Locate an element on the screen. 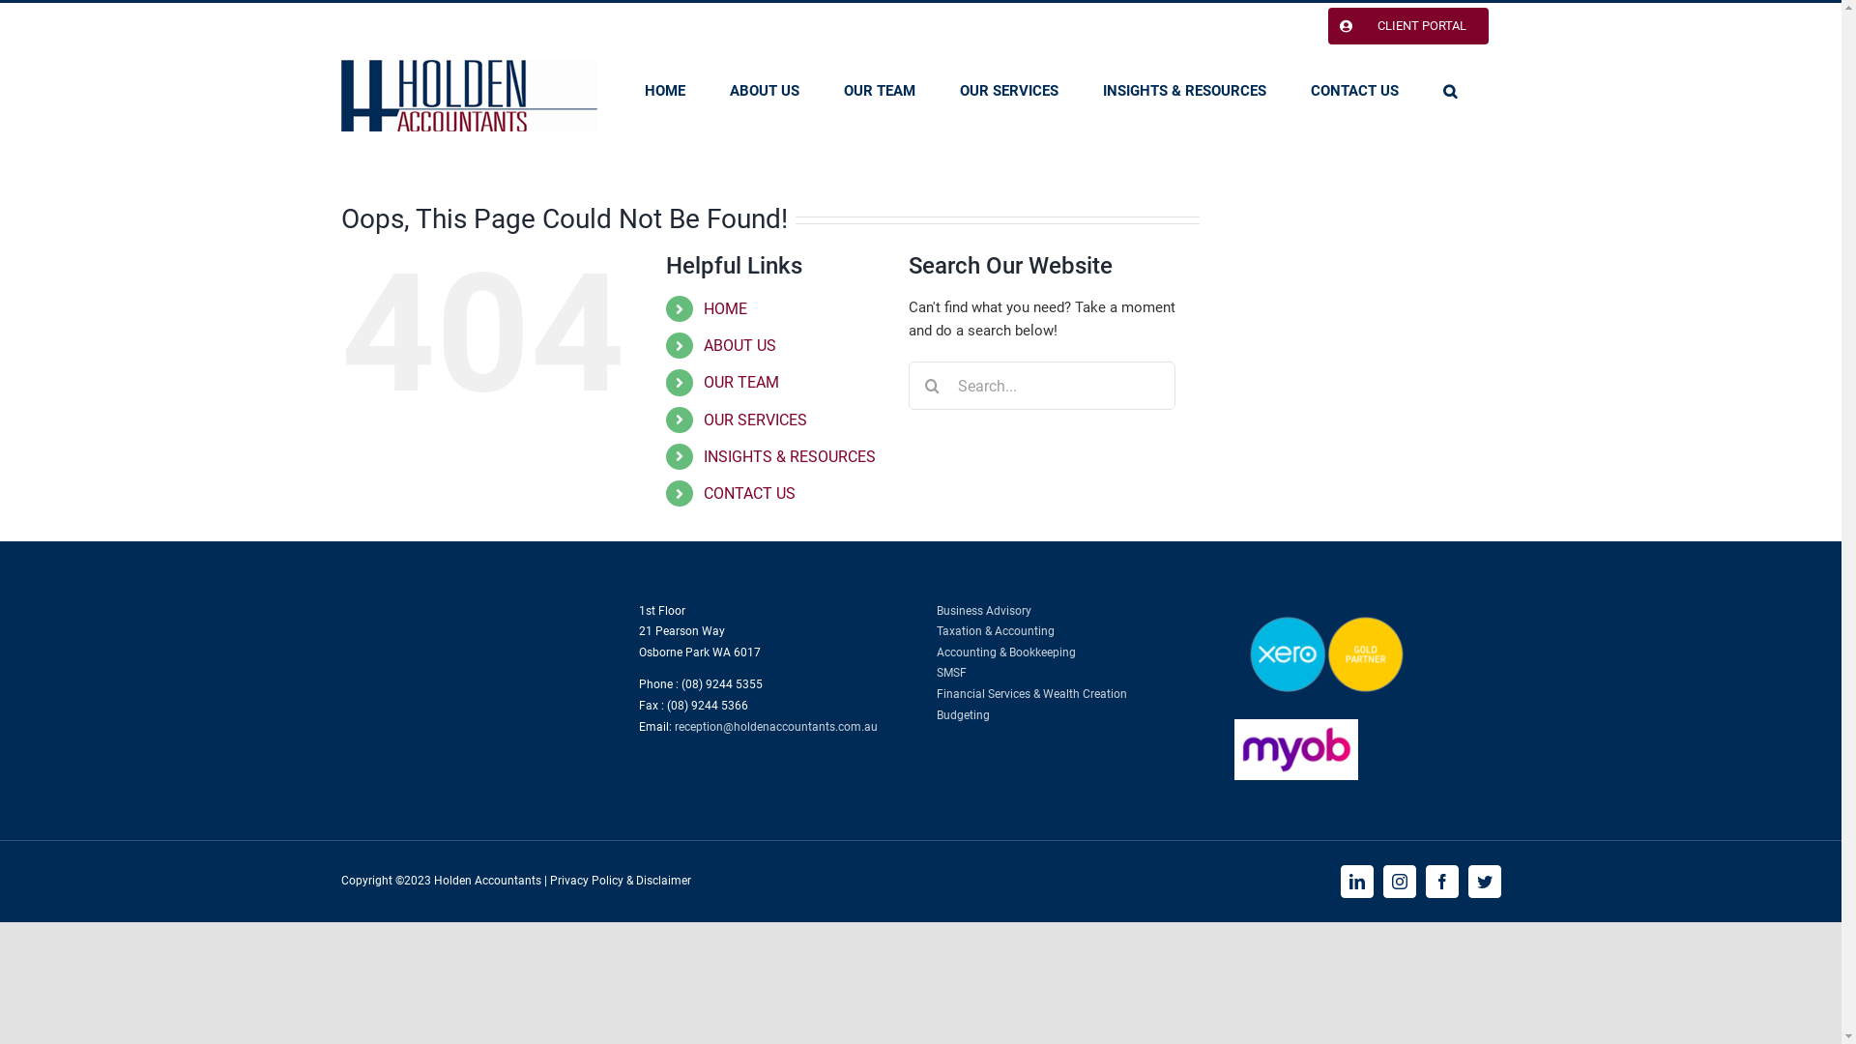  'OUR SERVICES' is located at coordinates (1006, 90).